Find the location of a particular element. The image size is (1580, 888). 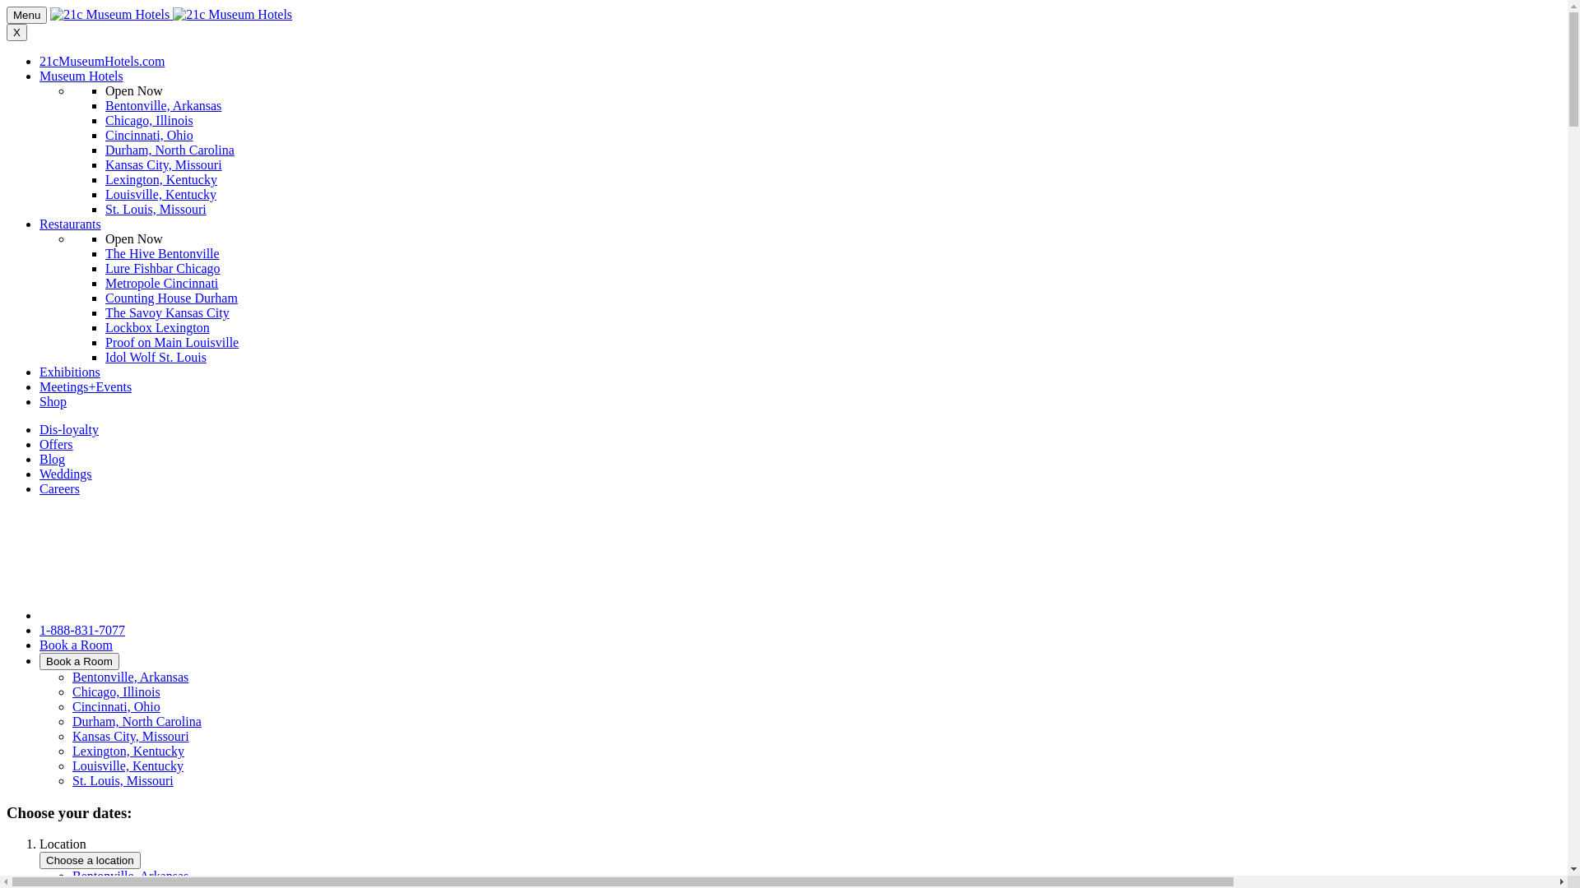

'Proof on Main Louisville' is located at coordinates (172, 341).